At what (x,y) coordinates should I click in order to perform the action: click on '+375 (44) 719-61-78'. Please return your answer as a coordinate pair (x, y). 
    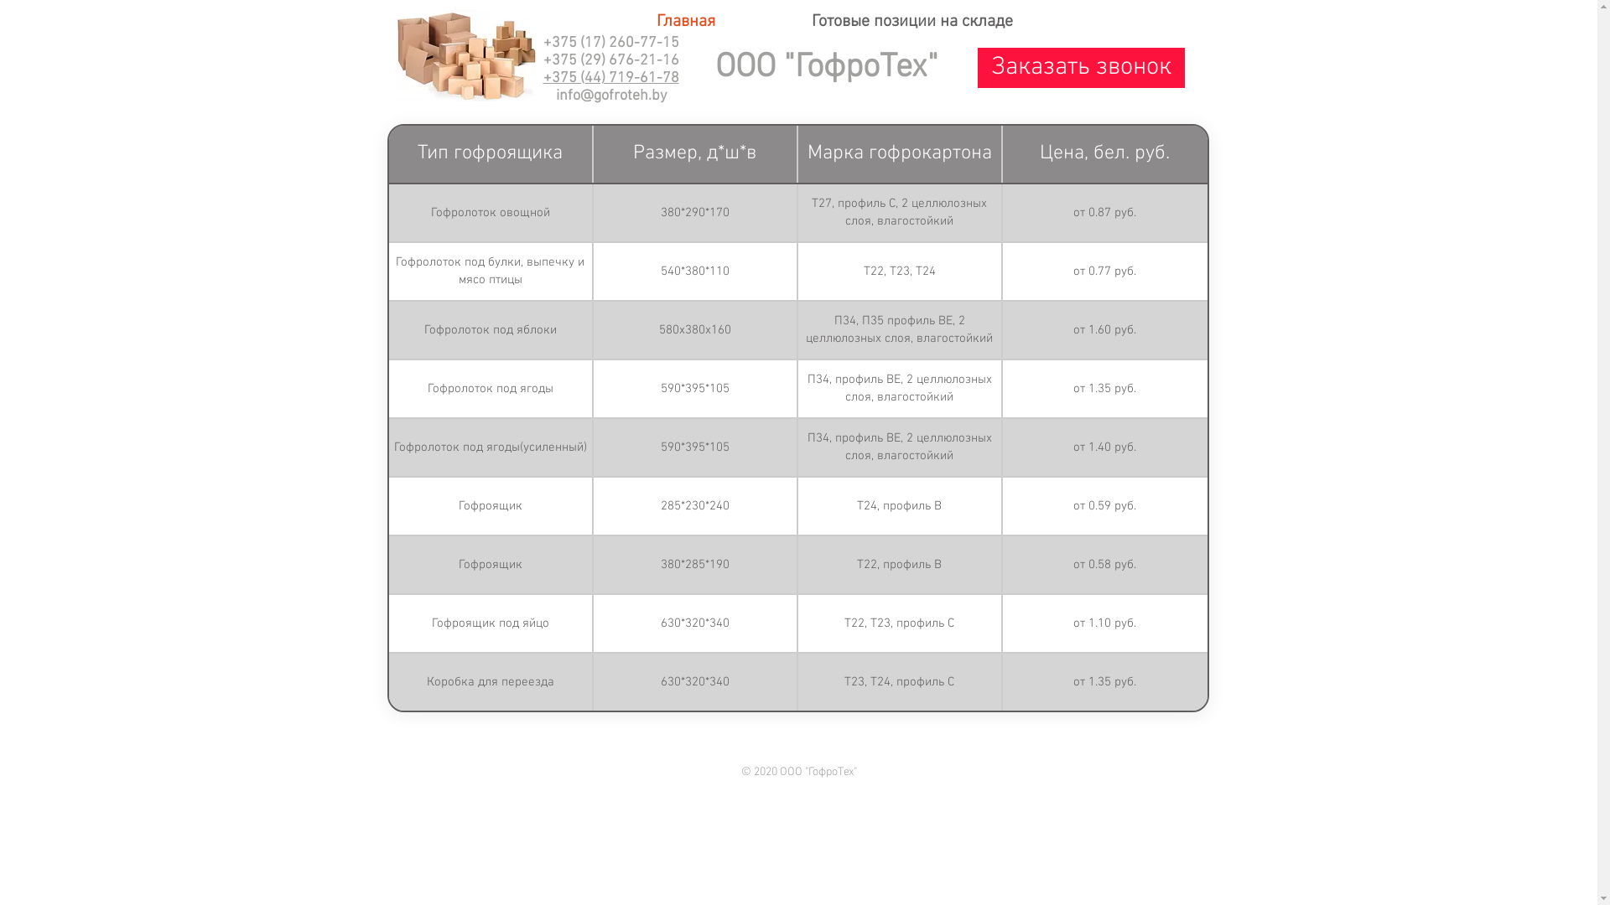
    Looking at the image, I should click on (543, 78).